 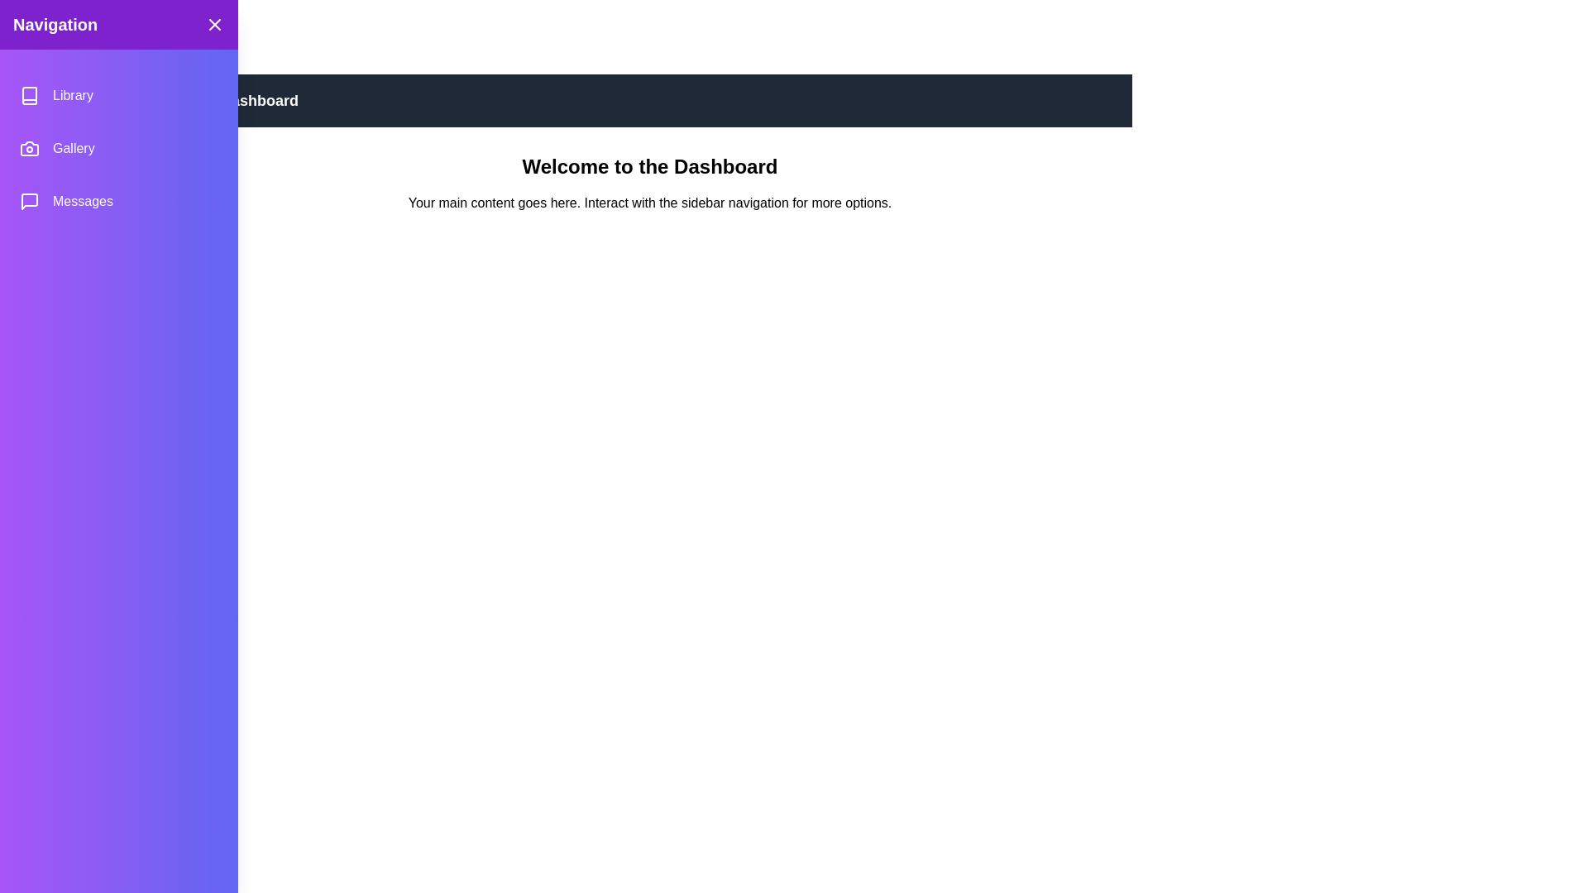 What do you see at coordinates (29, 200) in the screenshot?
I see `the speech bubble icon in the Messages section of the side navigation bar, which is styled in an outlined fashion and is located beneath the Gallery item` at bounding box center [29, 200].